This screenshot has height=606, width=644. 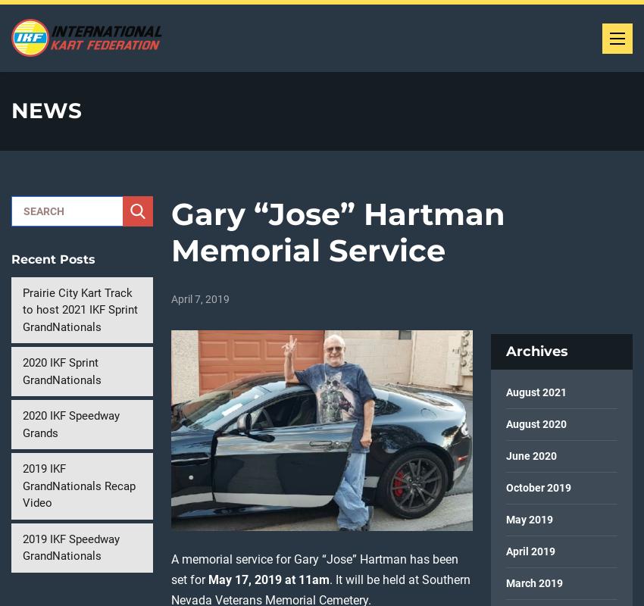 I want to click on 'April 7, 2019', so click(x=199, y=298).